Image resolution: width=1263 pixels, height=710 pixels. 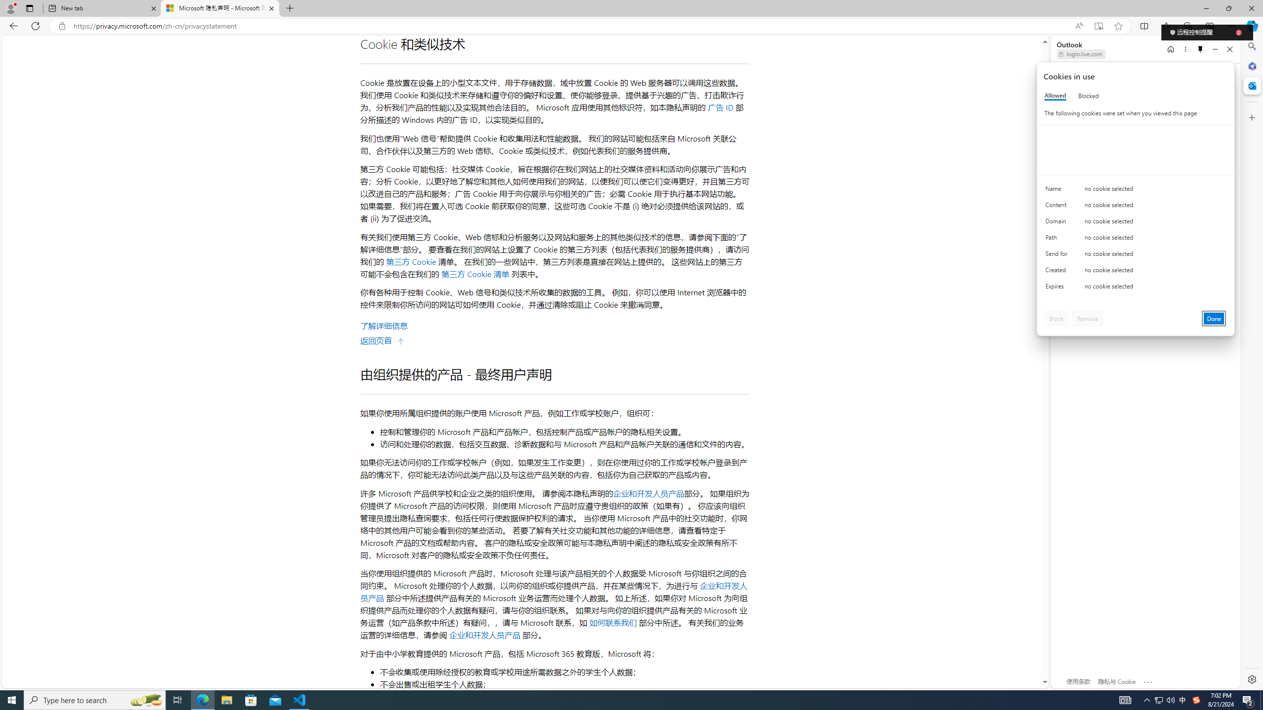 I want to click on 'Allowed', so click(x=1054, y=96).